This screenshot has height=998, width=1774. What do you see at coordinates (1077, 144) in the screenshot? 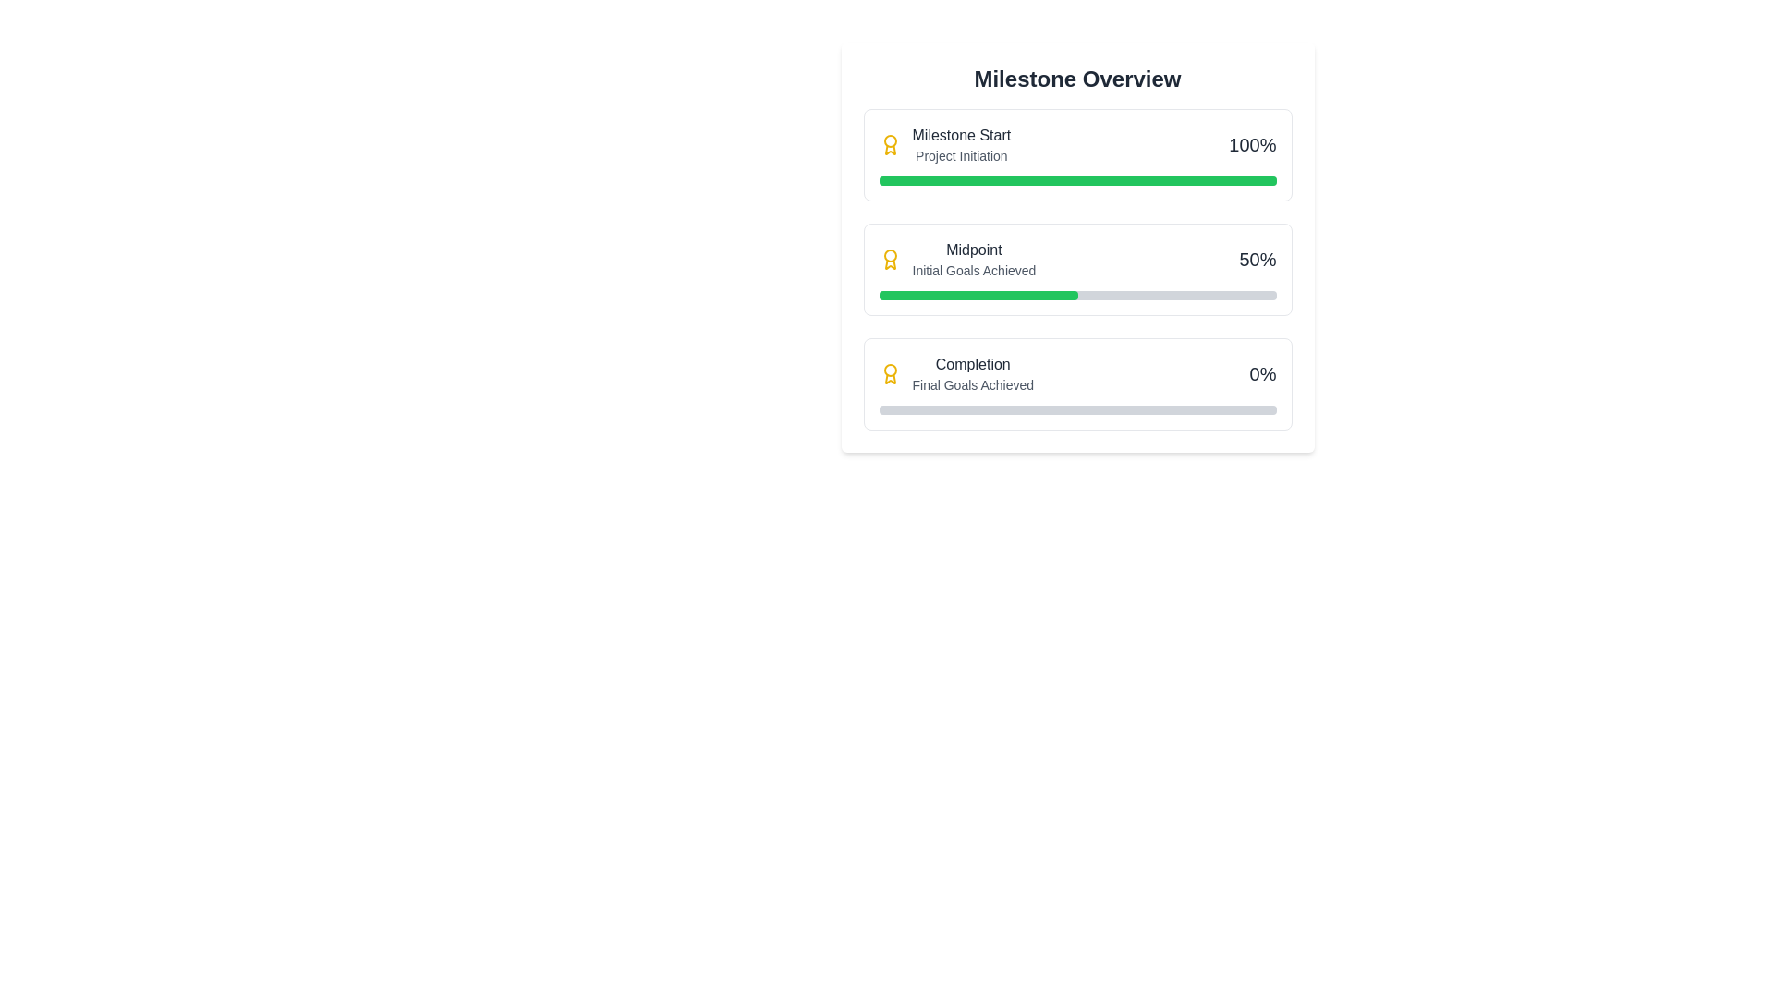
I see `the 'Milestone Start' informational section` at bounding box center [1077, 144].